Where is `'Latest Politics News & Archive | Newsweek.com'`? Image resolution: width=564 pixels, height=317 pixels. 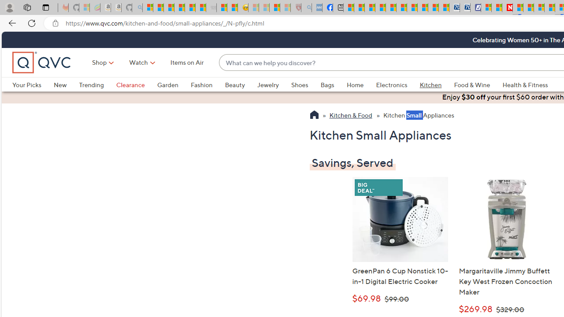
'Latest Politics News & Archive | Newsweek.com' is located at coordinates (508, 7).